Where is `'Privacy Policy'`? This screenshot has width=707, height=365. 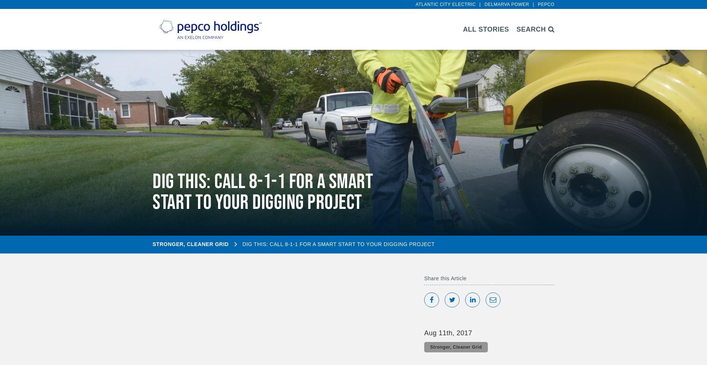
'Privacy Policy' is located at coordinates (58, 340).